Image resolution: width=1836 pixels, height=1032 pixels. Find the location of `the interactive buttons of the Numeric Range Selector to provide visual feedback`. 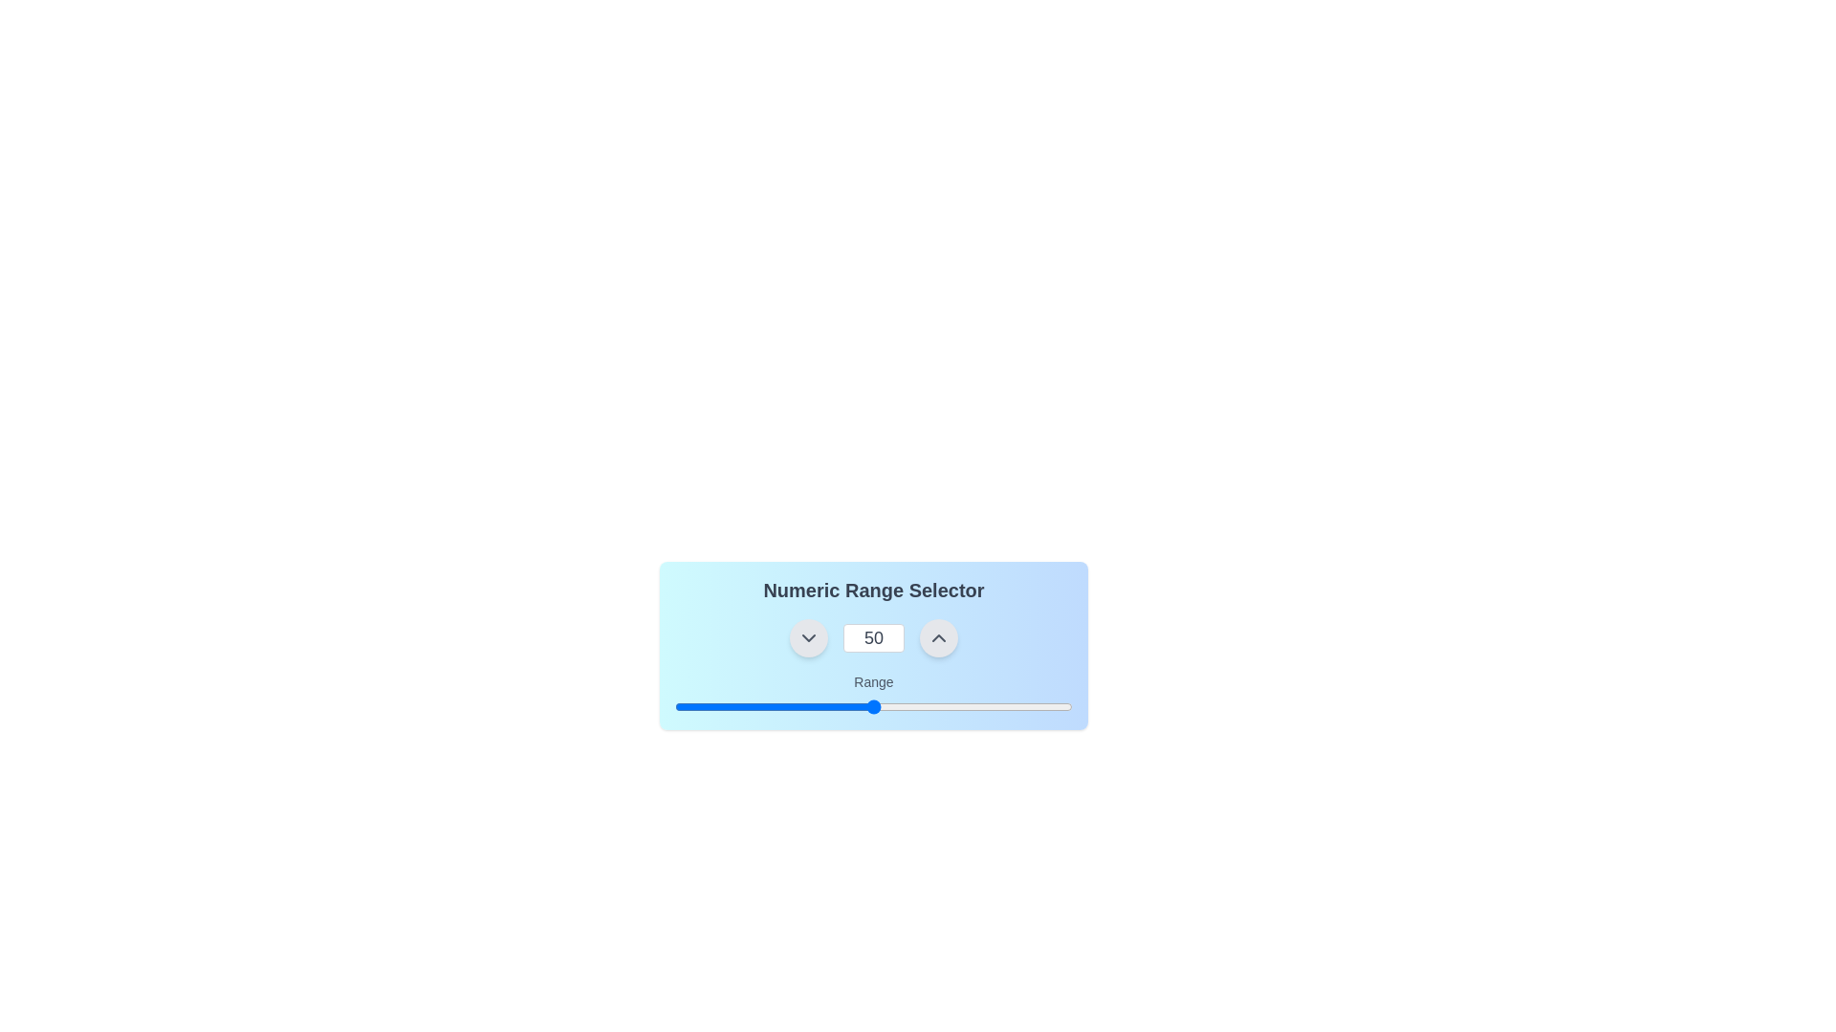

the interactive buttons of the Numeric Range Selector to provide visual feedback is located at coordinates (872, 637).